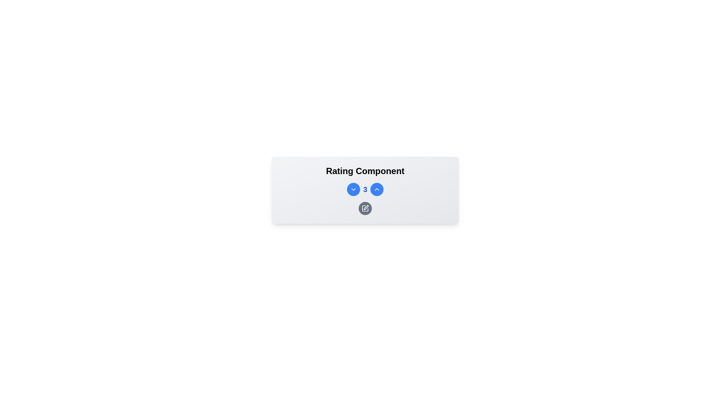 The height and width of the screenshot is (395, 702). What do you see at coordinates (377, 189) in the screenshot?
I see `the upward-pointing chevron icon within the second interactive button from the left, which has a circular blue background and white border` at bounding box center [377, 189].